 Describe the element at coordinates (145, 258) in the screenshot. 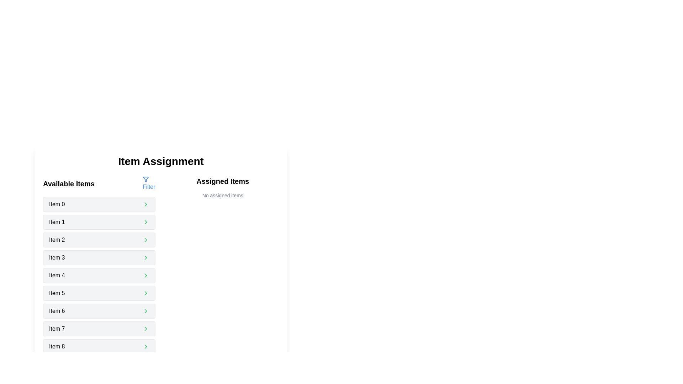

I see `the chevron icon associated with 'Item 3' in the 'Available Items' section` at that location.